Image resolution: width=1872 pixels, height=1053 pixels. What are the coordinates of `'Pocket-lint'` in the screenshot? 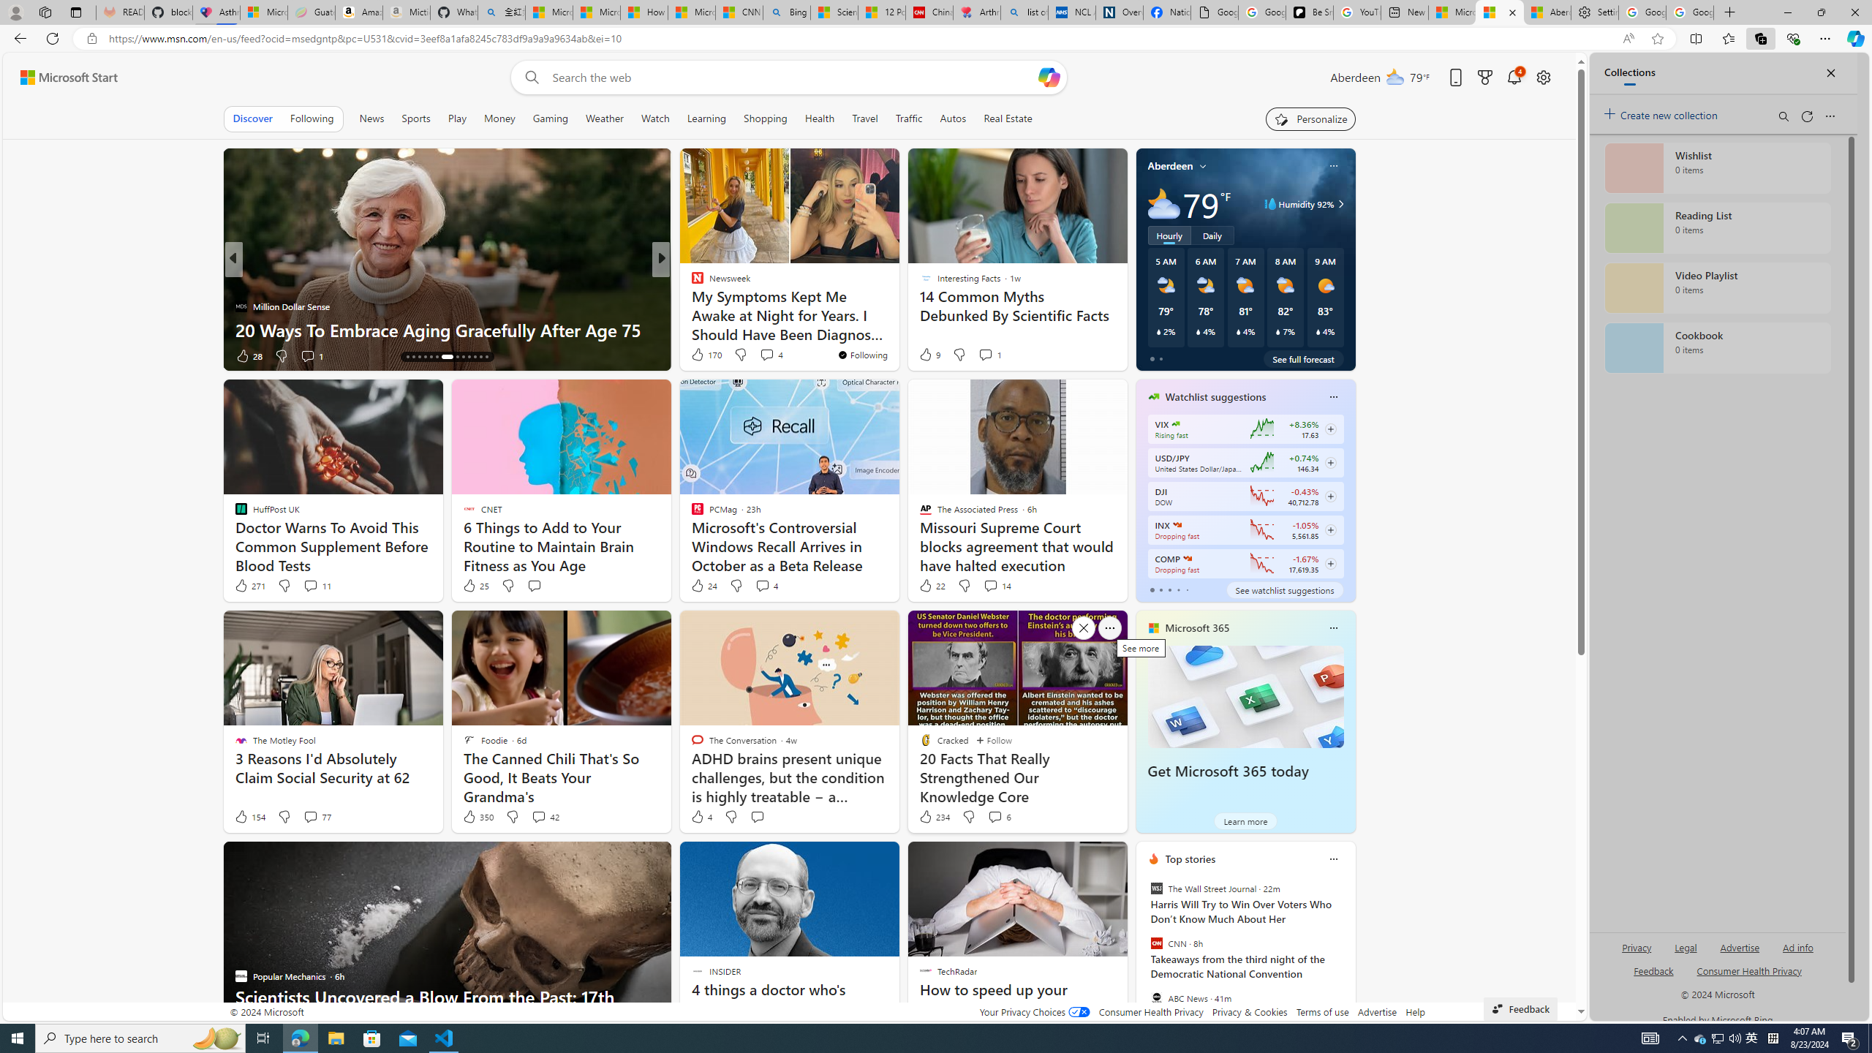 It's located at (691, 306).